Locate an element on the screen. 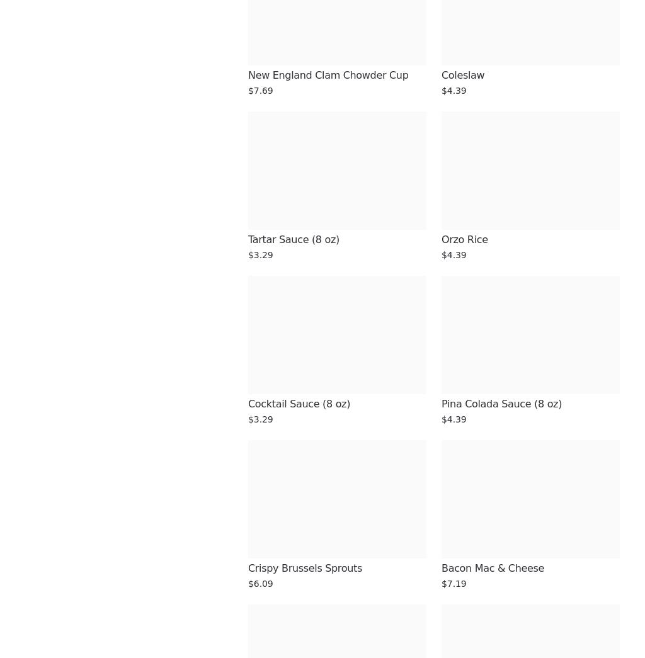 The width and height of the screenshot is (645, 658). 'Cocktail Sauce (8 oz)' is located at coordinates (299, 404).